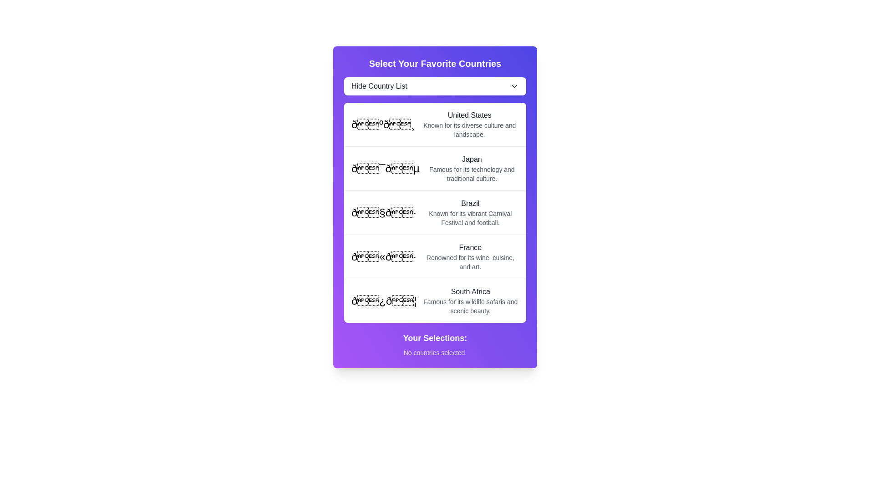  What do you see at coordinates (470, 247) in the screenshot?
I see `text label that serves as the title for the 'France' entry in the list, positioned above the description text of 'Renowned for its wine, cuisine, and art.'` at bounding box center [470, 247].